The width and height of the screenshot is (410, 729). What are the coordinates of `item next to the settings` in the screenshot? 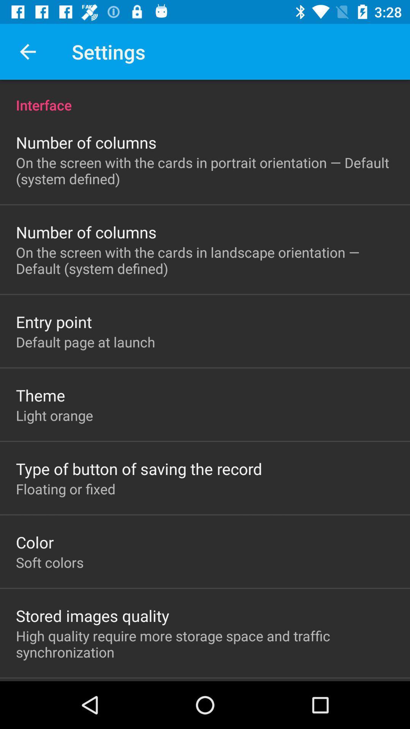 It's located at (27, 51).